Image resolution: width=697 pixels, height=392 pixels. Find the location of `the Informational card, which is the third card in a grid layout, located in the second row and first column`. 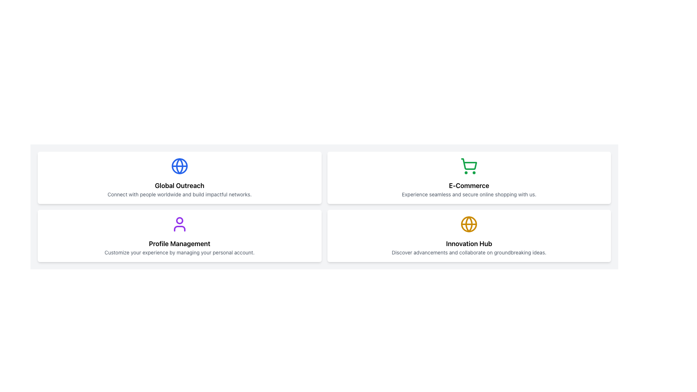

the Informational card, which is the third card in a grid layout, located in the second row and first column is located at coordinates (179, 236).